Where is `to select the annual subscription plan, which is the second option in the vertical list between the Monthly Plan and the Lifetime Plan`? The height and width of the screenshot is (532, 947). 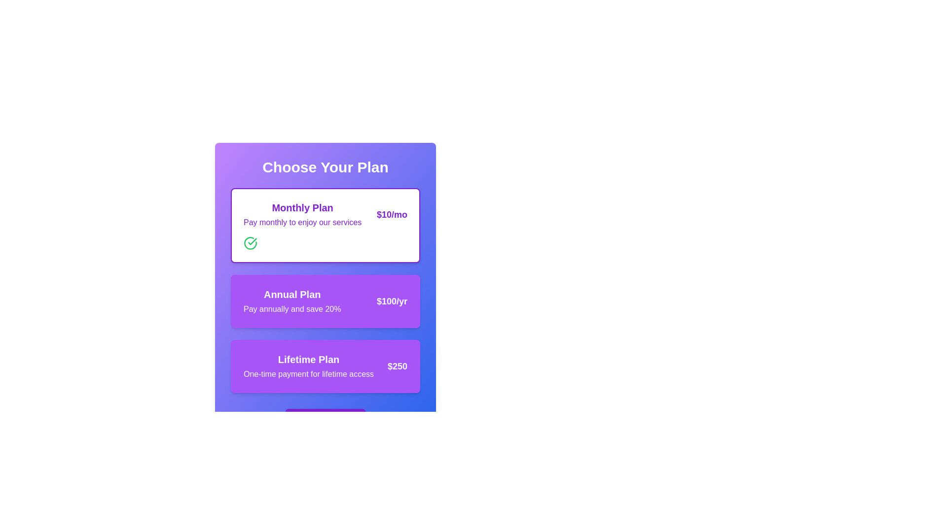 to select the annual subscription plan, which is the second option in the vertical list between the Monthly Plan and the Lifetime Plan is located at coordinates (326, 301).